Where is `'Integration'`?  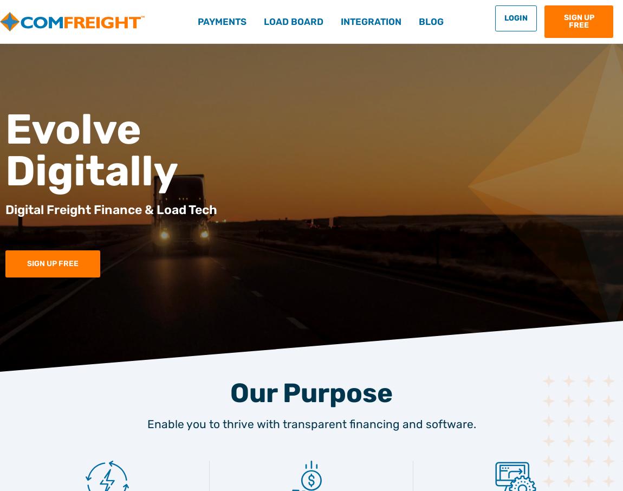 'Integration' is located at coordinates (371, 21).